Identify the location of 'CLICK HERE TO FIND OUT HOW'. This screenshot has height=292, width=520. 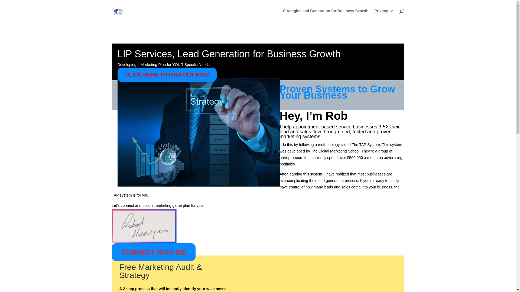
(167, 75).